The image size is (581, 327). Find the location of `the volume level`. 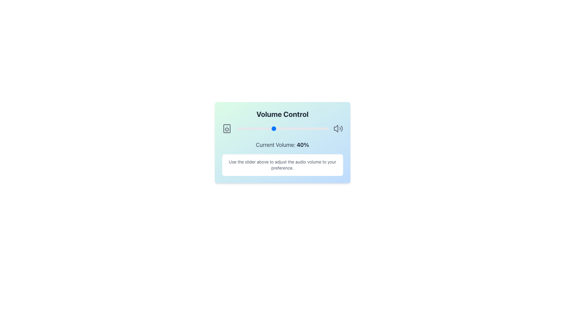

the volume level is located at coordinates (254, 128).